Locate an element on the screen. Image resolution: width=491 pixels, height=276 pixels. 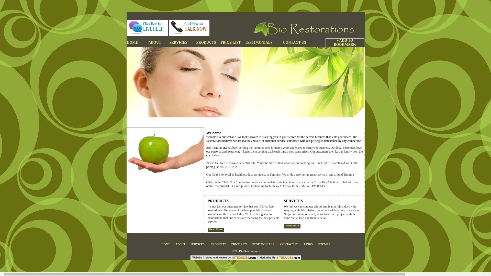
'PRICE LIST' is located at coordinates (239, 244).